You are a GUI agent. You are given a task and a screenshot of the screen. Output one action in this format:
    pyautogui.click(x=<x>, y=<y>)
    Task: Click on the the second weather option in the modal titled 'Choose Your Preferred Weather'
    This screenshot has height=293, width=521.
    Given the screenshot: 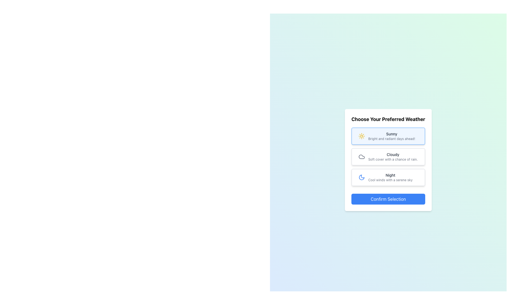 What is the action you would take?
    pyautogui.click(x=388, y=157)
    